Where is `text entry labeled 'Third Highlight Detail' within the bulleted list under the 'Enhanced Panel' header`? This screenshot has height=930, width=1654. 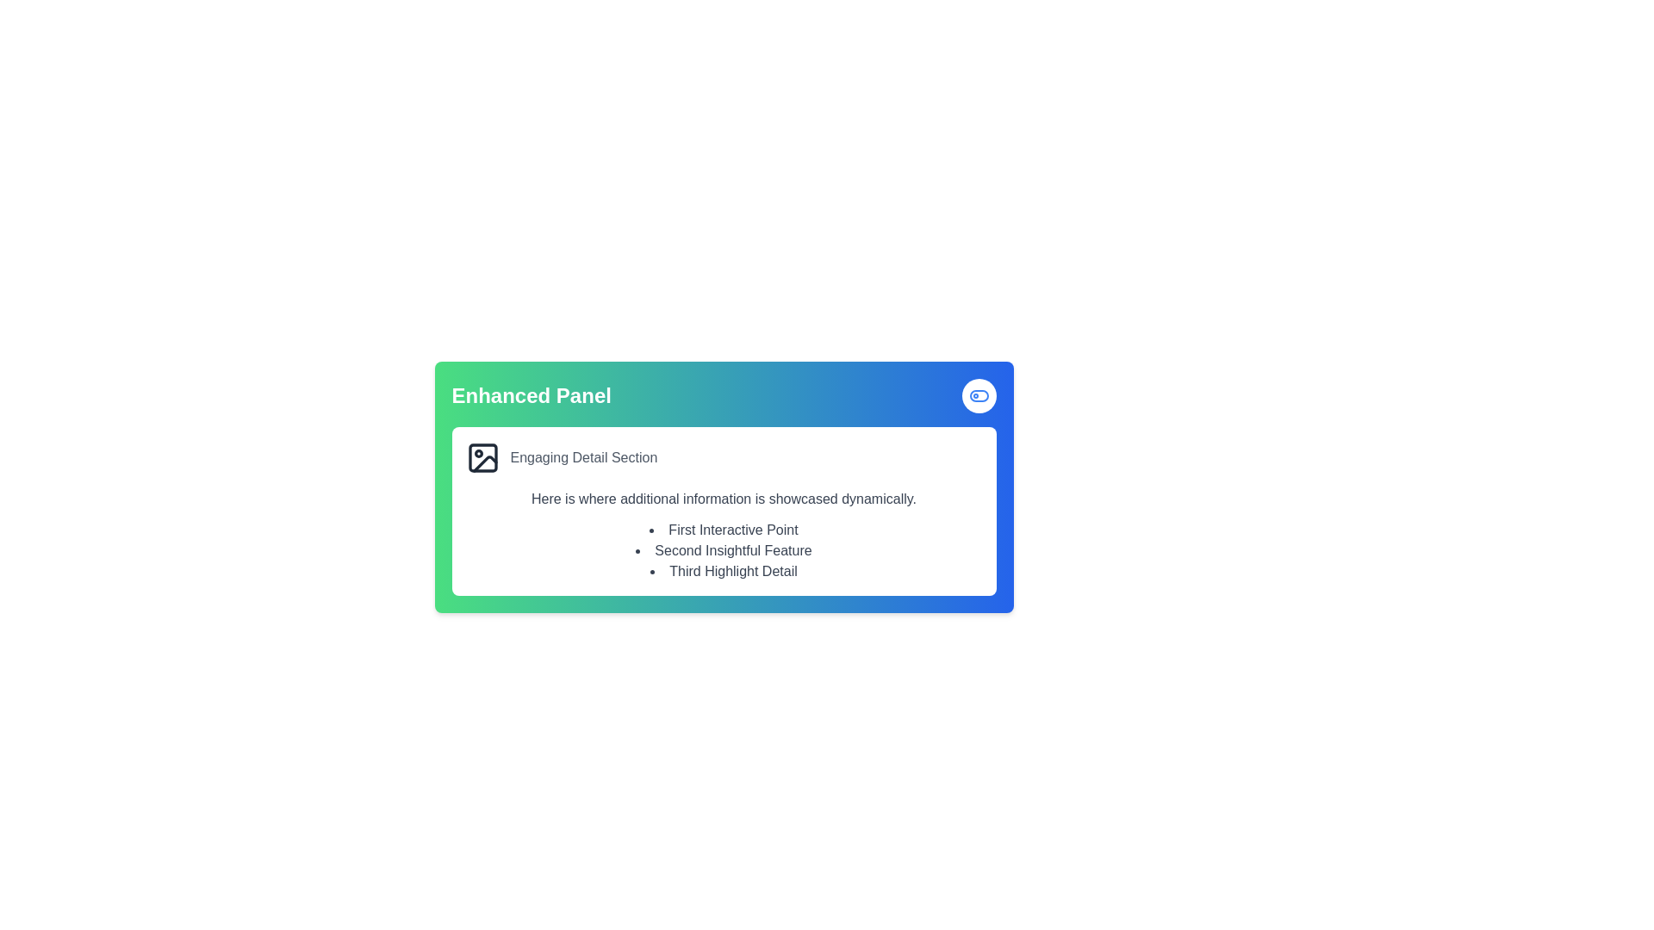
text entry labeled 'Third Highlight Detail' within the bulleted list under the 'Enhanced Panel' header is located at coordinates (724, 571).